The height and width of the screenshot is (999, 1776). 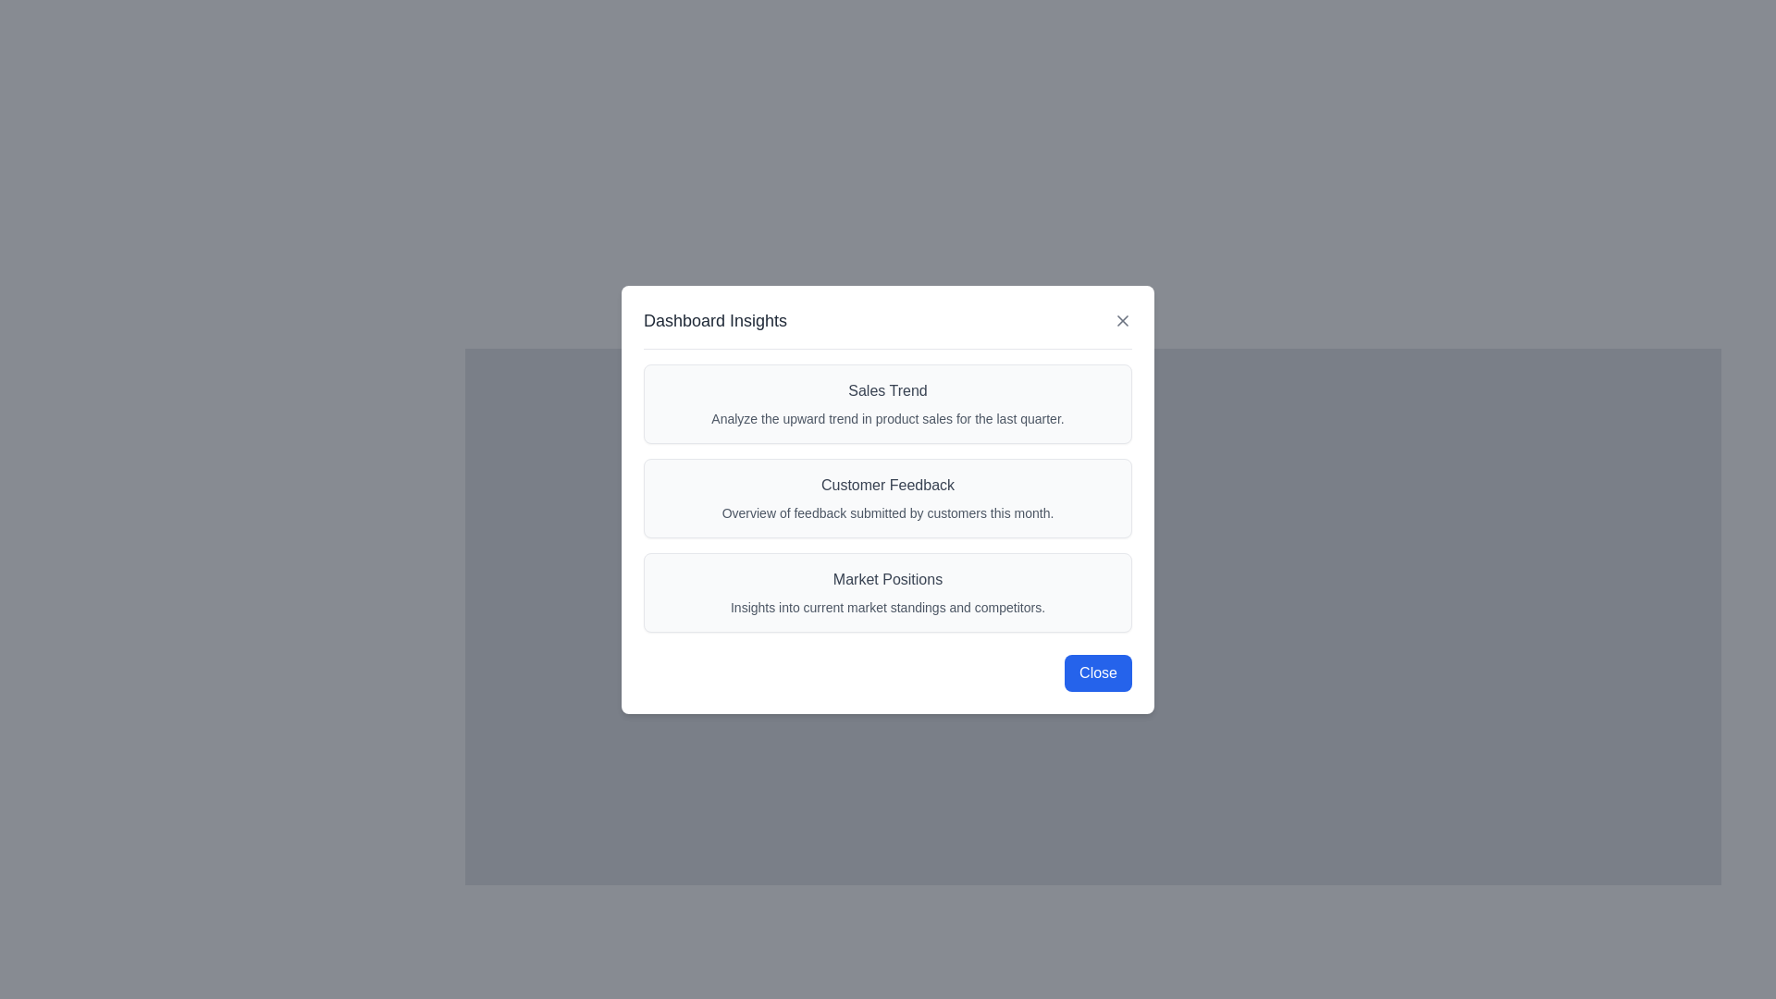 I want to click on the interactive close icon button located at the top-right corner of the 'Dashboard Insights' header, so click(x=1122, y=319).